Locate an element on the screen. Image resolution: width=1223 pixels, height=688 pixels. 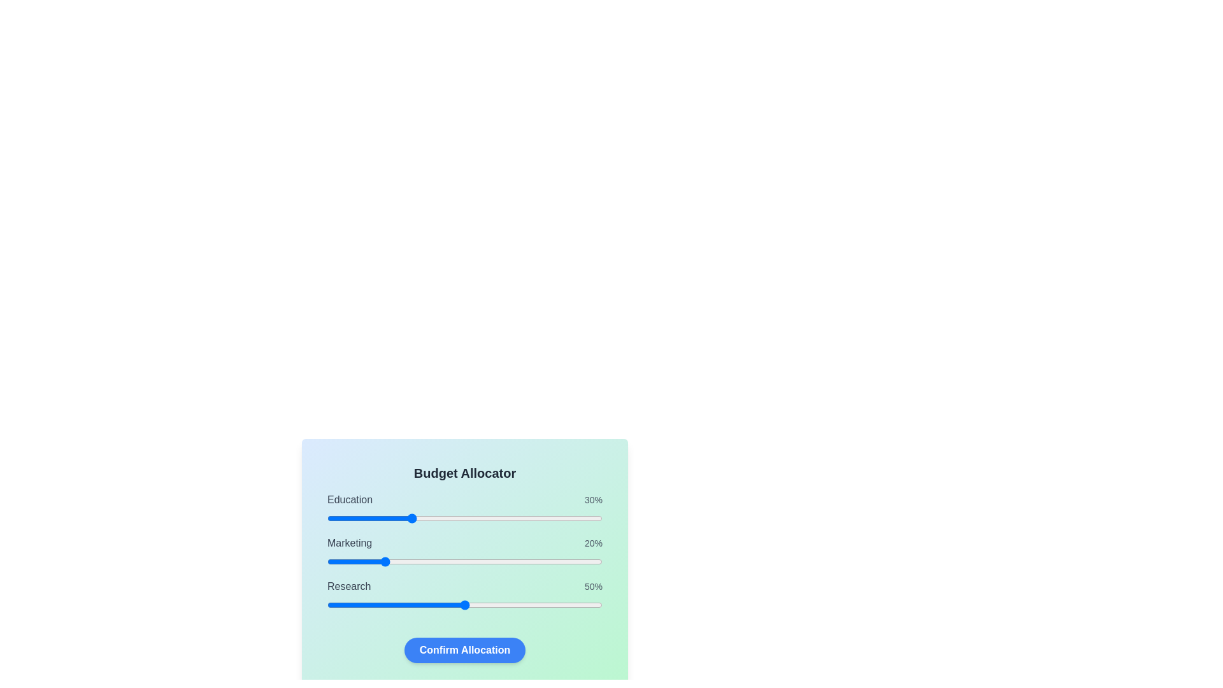
the Marketing allocation slider to 42% is located at coordinates (443, 561).